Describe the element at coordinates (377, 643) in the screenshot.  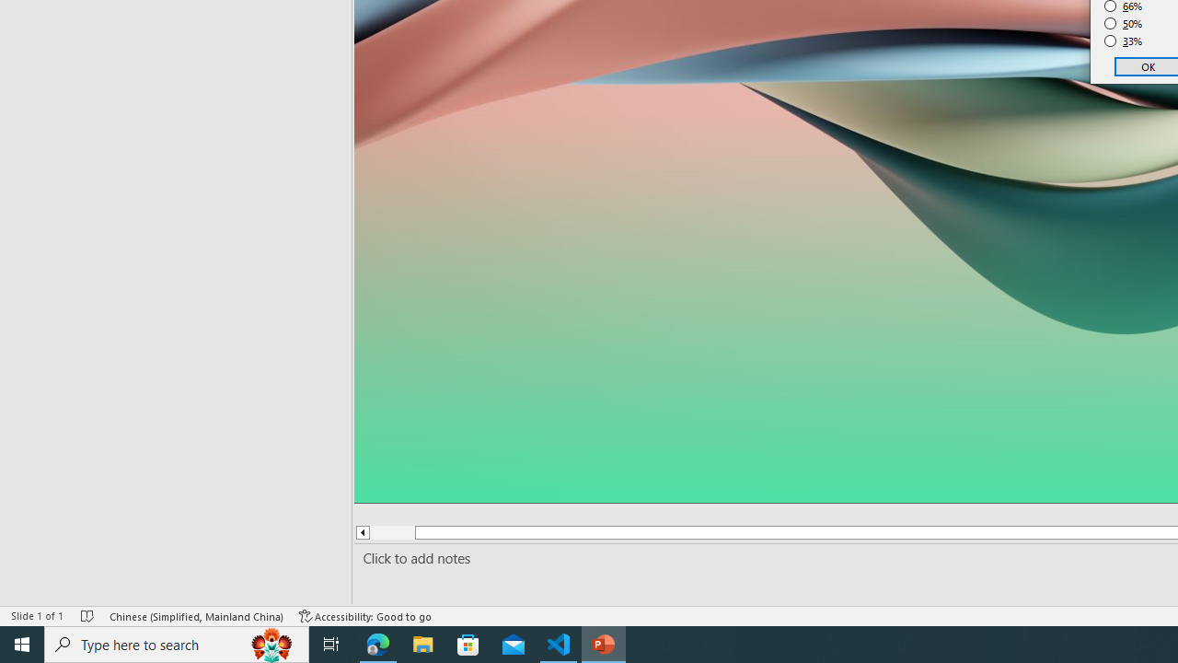
I see `'Microsoft Edge - 1 running window'` at that location.